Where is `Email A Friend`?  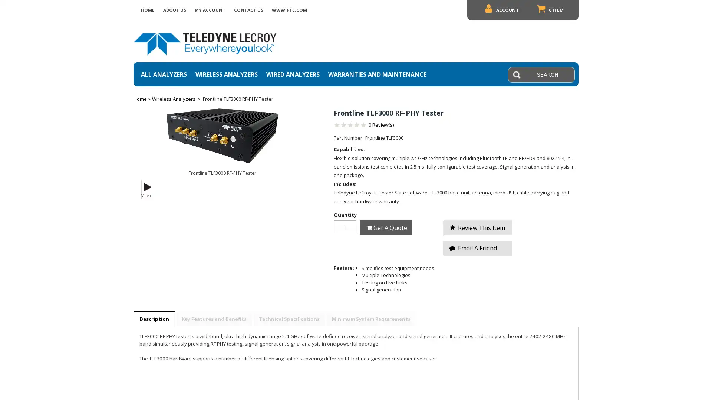 Email A Friend is located at coordinates (477, 247).